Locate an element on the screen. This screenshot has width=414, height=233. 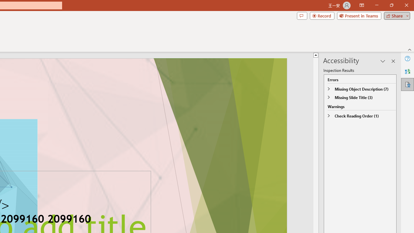
'Collapse the Ribbon' is located at coordinates (409, 49).